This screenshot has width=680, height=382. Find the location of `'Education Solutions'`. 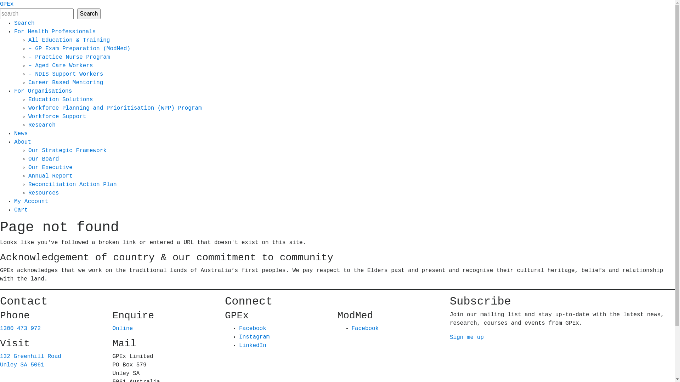

'Education Solutions' is located at coordinates (61, 99).